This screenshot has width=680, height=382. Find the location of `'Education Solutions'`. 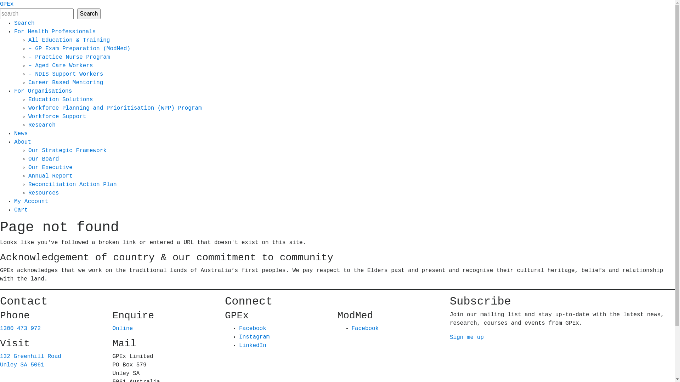

'Education Solutions' is located at coordinates (61, 99).